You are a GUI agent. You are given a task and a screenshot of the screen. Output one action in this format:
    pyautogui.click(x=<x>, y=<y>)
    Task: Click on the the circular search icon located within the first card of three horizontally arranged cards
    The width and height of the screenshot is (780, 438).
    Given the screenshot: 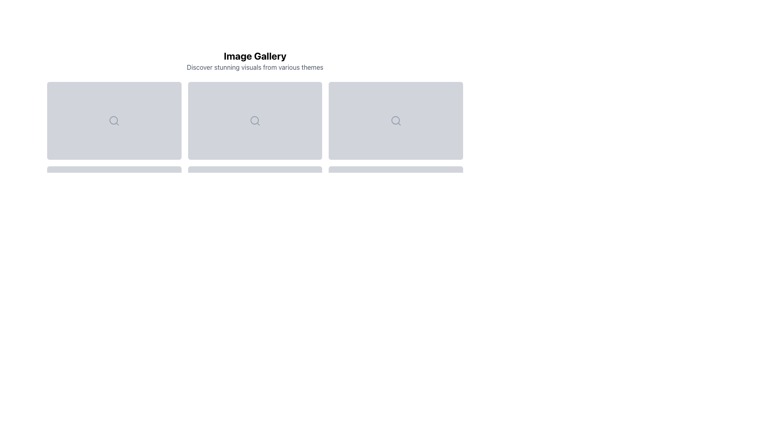 What is the action you would take?
    pyautogui.click(x=113, y=120)
    